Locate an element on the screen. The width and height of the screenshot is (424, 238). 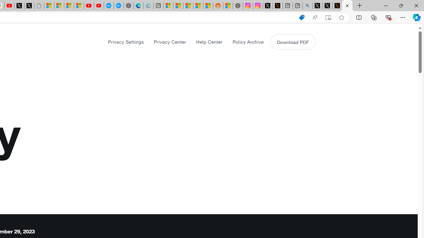
'GitHub (@github) / X' is located at coordinates (327, 6).